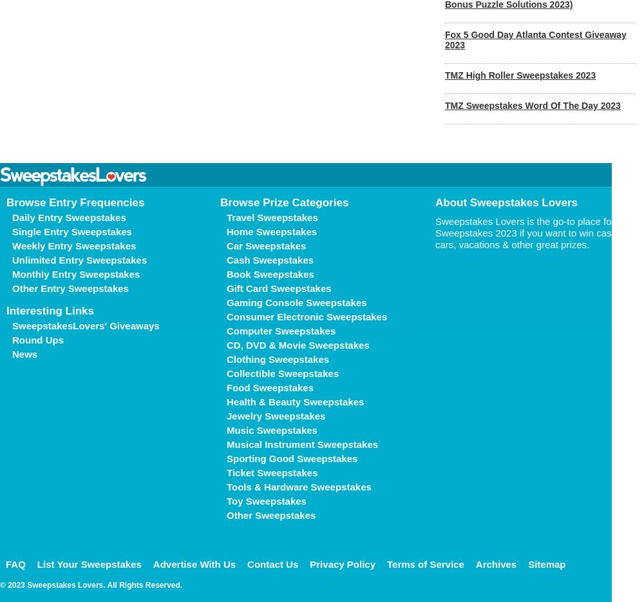  What do you see at coordinates (291, 458) in the screenshot?
I see `'Sporting Good Sweepstakes'` at bounding box center [291, 458].